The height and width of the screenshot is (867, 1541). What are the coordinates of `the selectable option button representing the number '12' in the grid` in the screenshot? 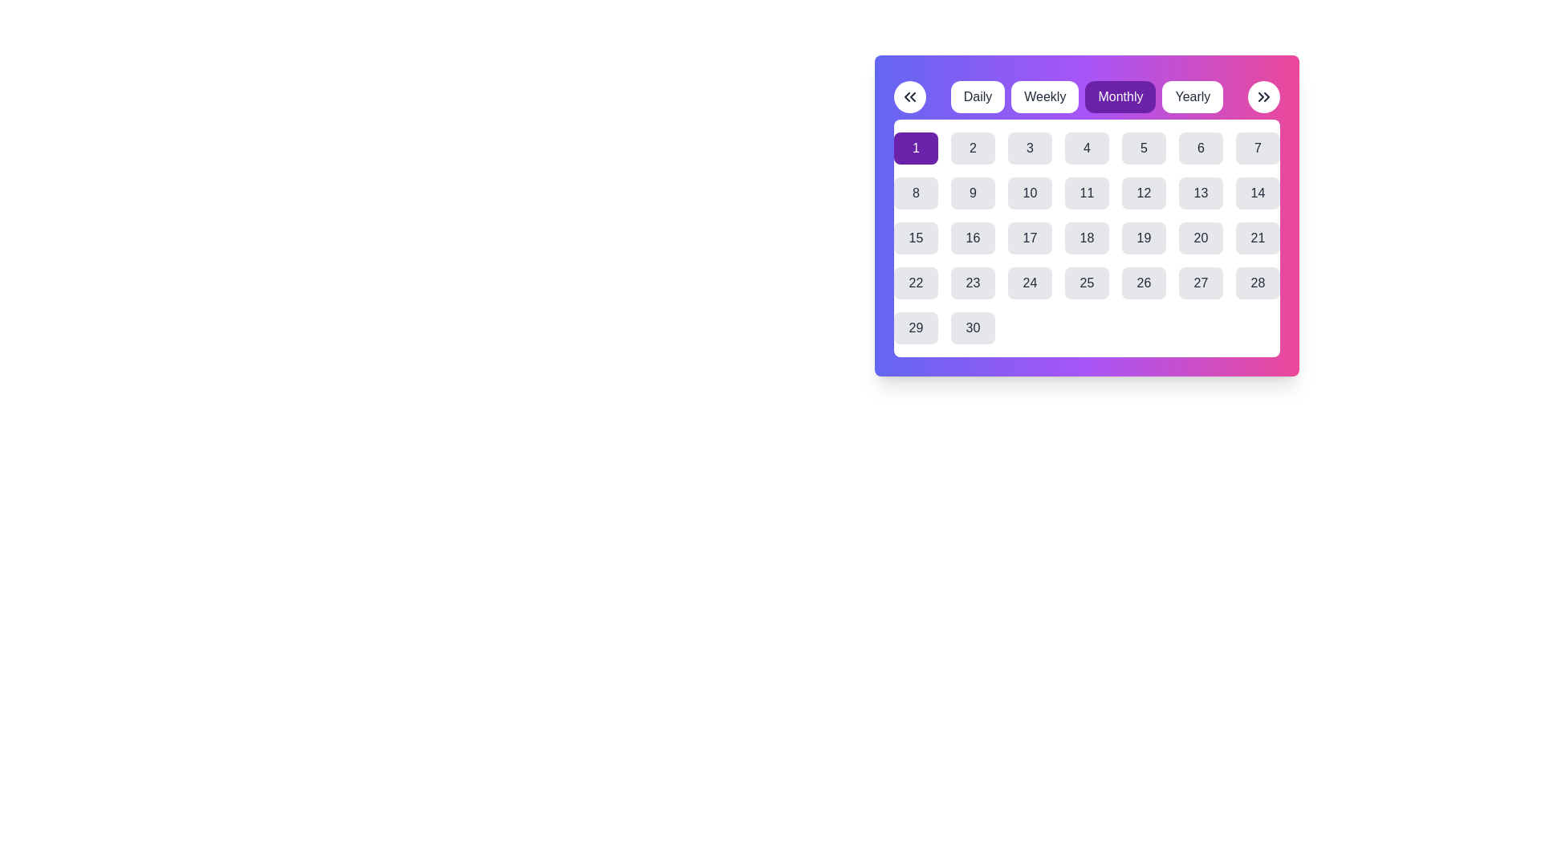 It's located at (1143, 192).